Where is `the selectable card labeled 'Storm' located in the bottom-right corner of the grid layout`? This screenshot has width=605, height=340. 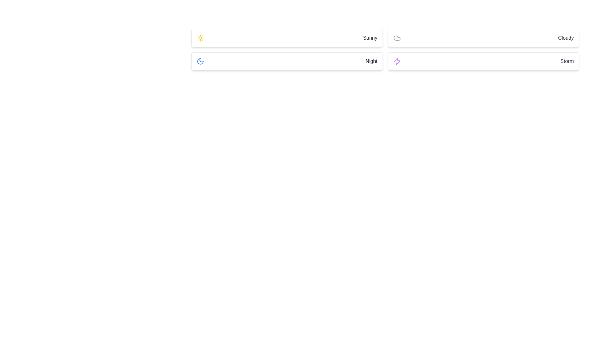 the selectable card labeled 'Storm' located in the bottom-right corner of the grid layout is located at coordinates (483, 61).